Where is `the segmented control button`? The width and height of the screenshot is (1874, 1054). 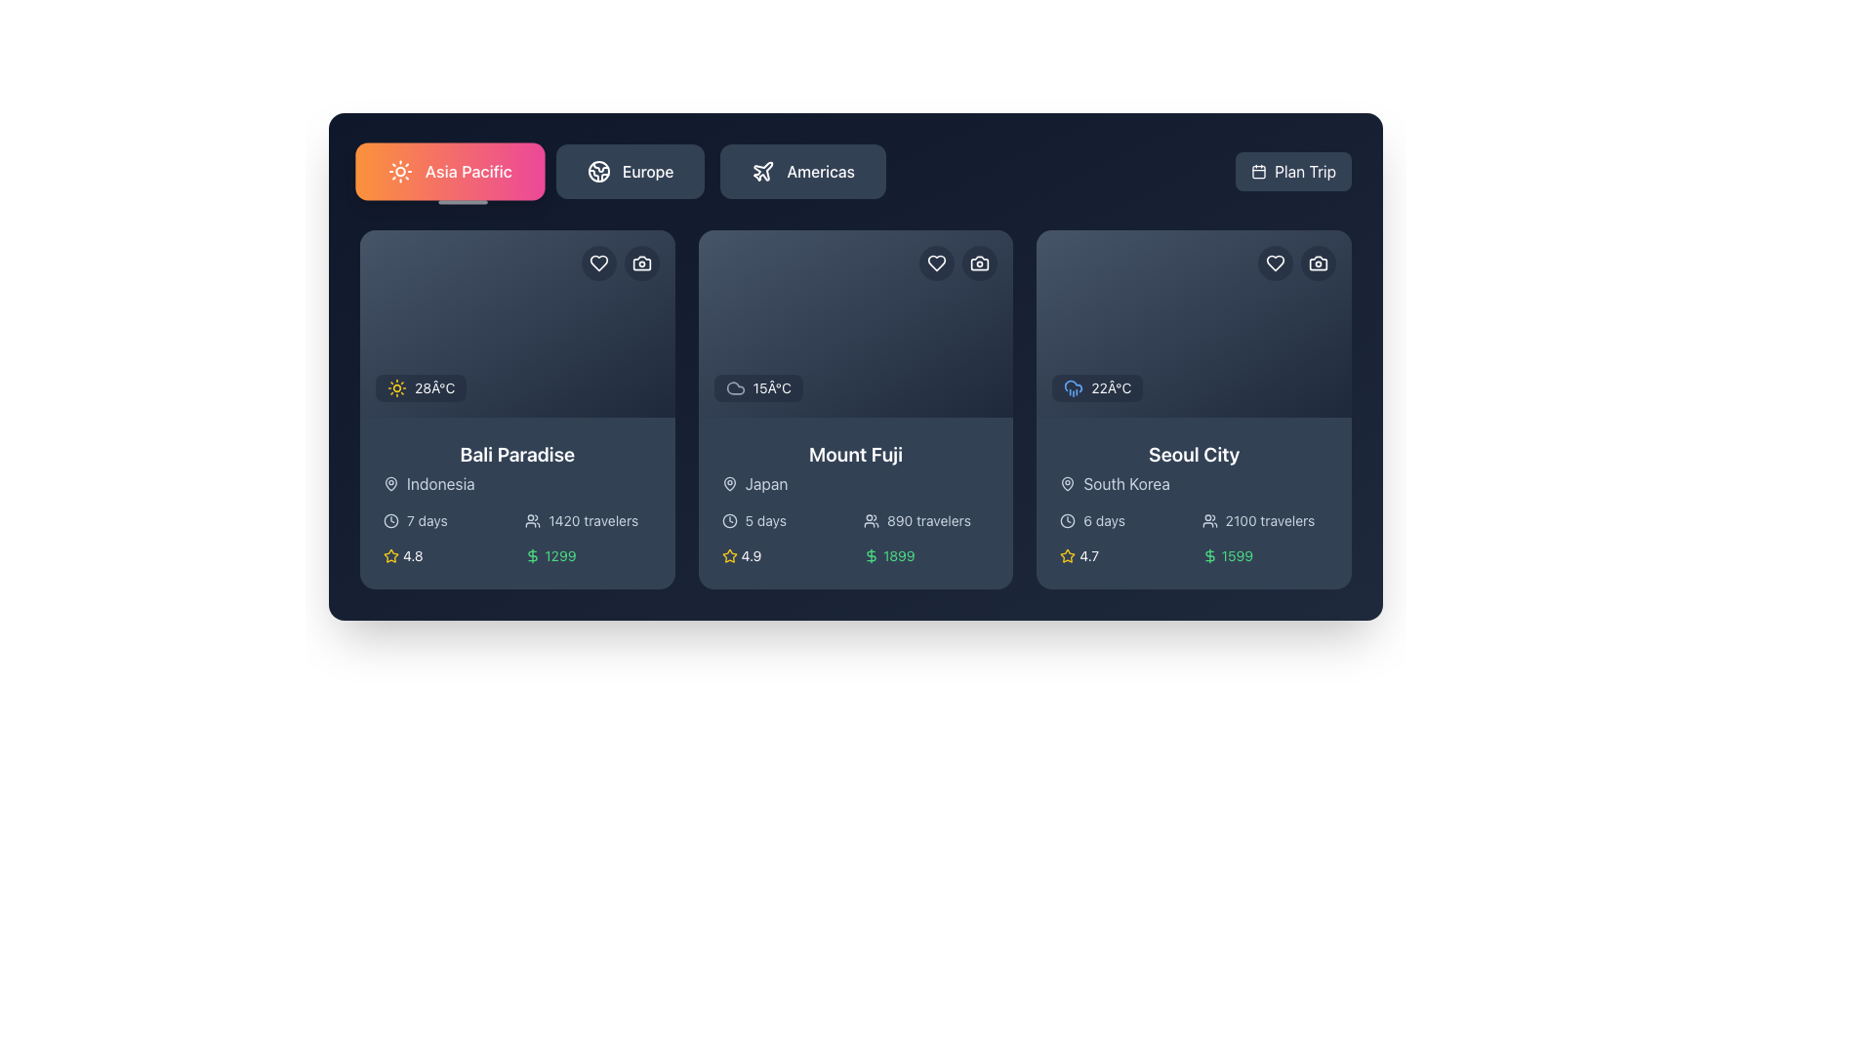
the segmented control button is located at coordinates (622, 171).